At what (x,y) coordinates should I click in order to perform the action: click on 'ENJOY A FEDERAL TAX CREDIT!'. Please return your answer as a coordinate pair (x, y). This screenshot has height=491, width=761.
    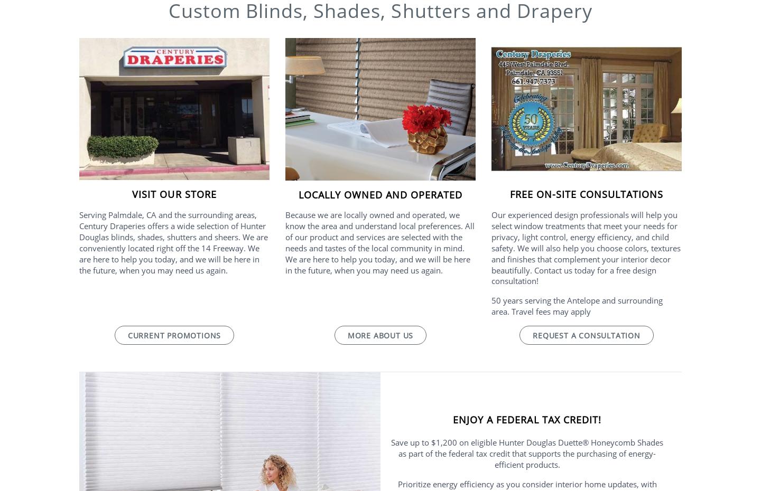
    Looking at the image, I should click on (526, 419).